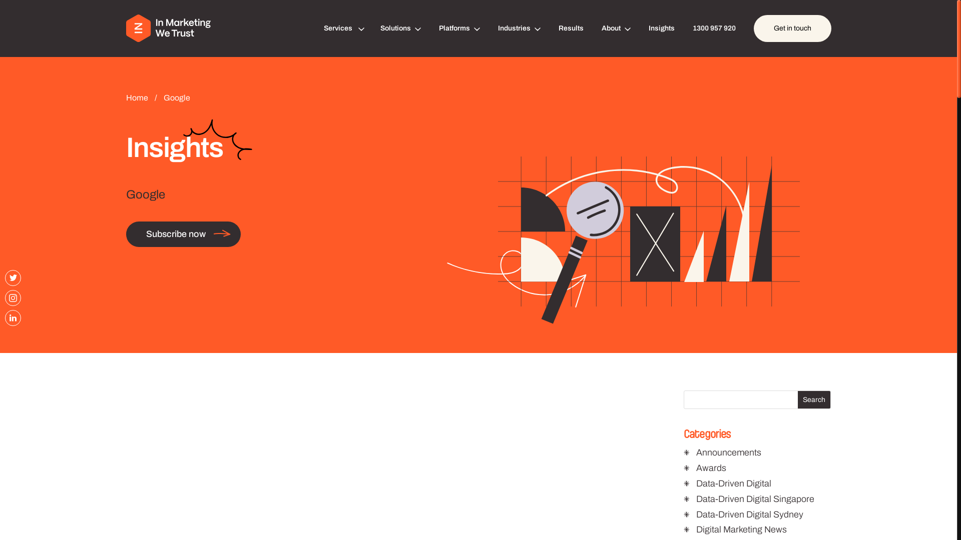 The image size is (961, 540). I want to click on 'Awards', so click(696, 468).